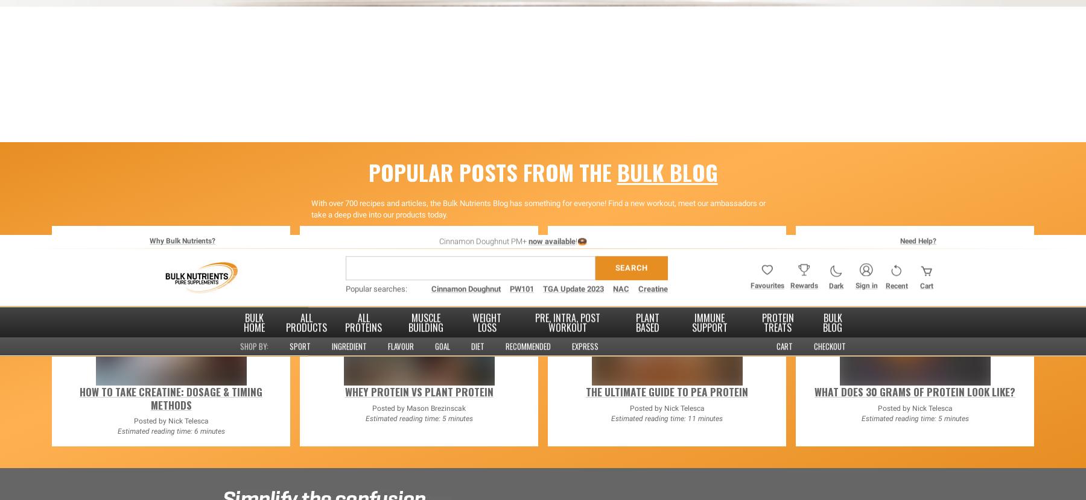 This screenshot has height=500, width=1086. Describe the element at coordinates (296, 210) in the screenshot. I see `'Creatine Monohydrate'` at that location.